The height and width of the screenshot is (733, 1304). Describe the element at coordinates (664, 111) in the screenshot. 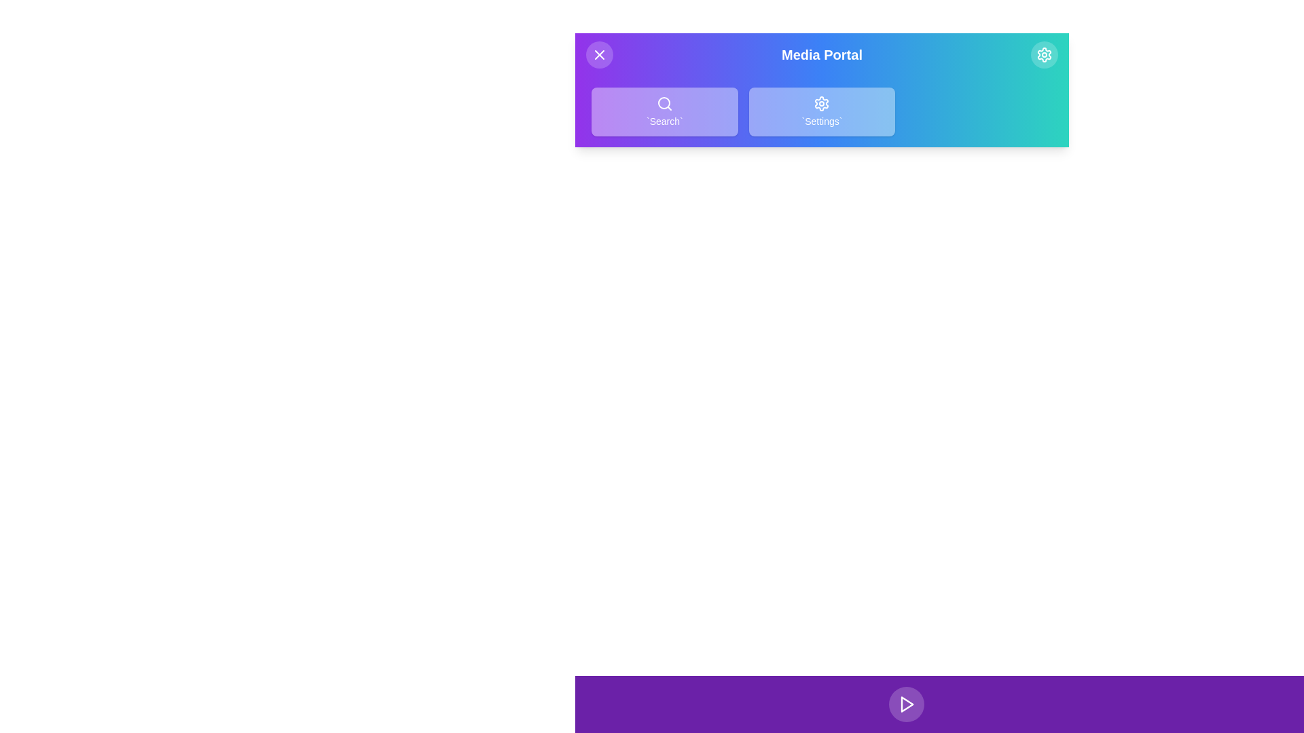

I see `the 'Search' button to navigate to the 'Search' section` at that location.